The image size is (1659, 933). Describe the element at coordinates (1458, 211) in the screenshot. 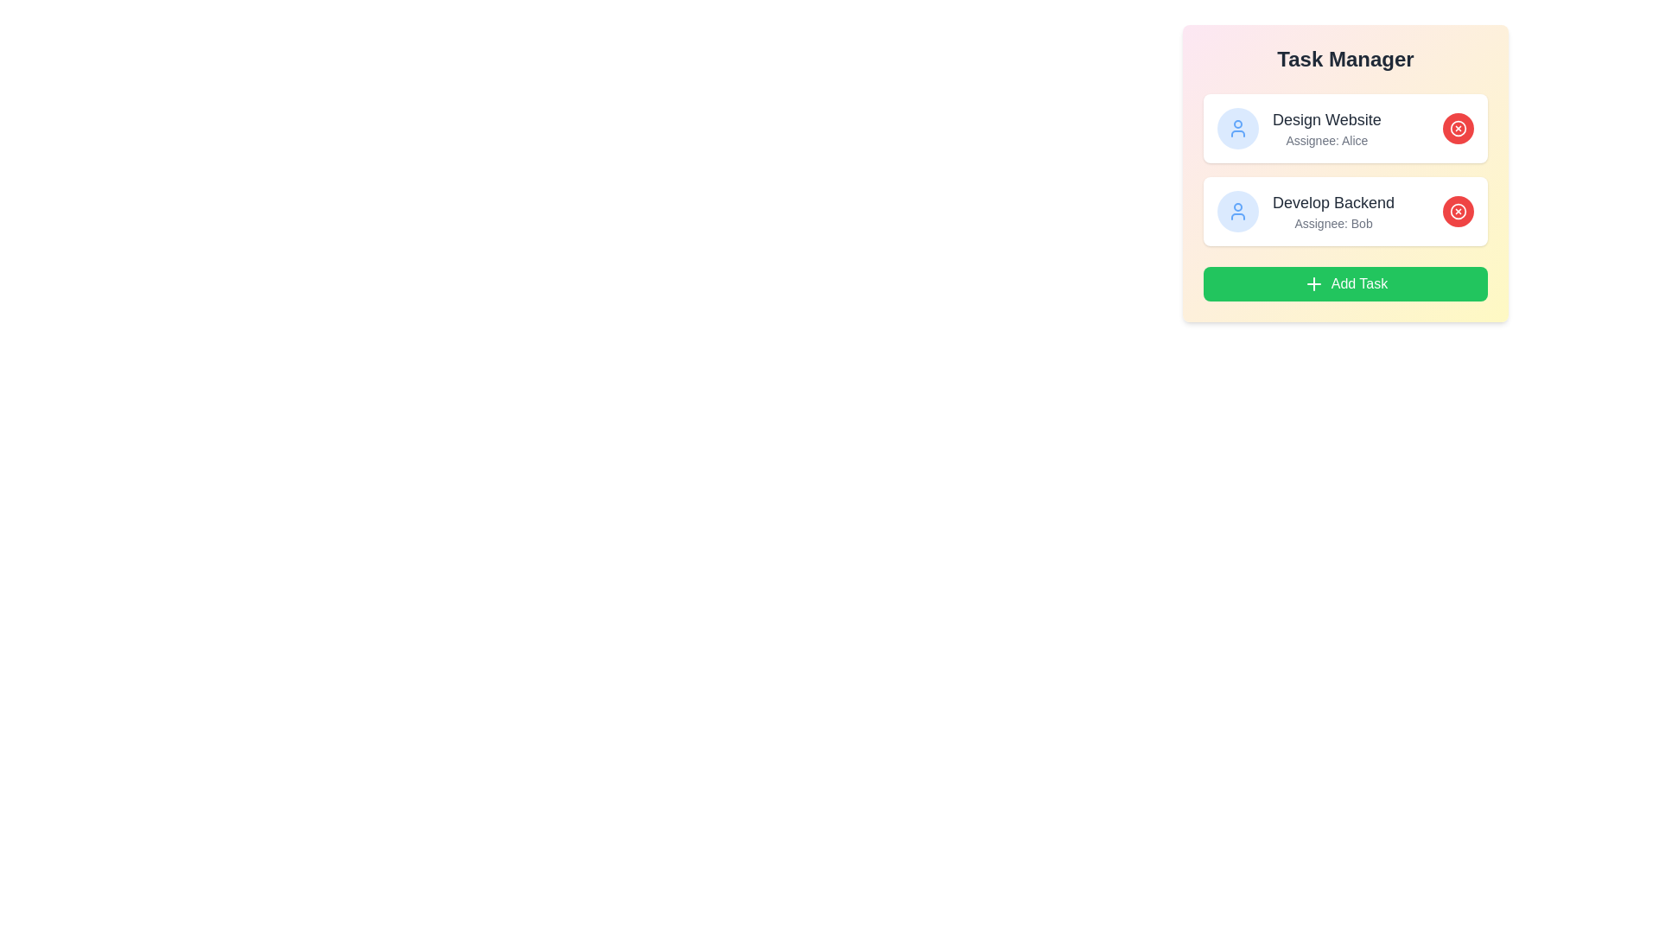

I see `the circular red button with a white 'X' icon` at that location.